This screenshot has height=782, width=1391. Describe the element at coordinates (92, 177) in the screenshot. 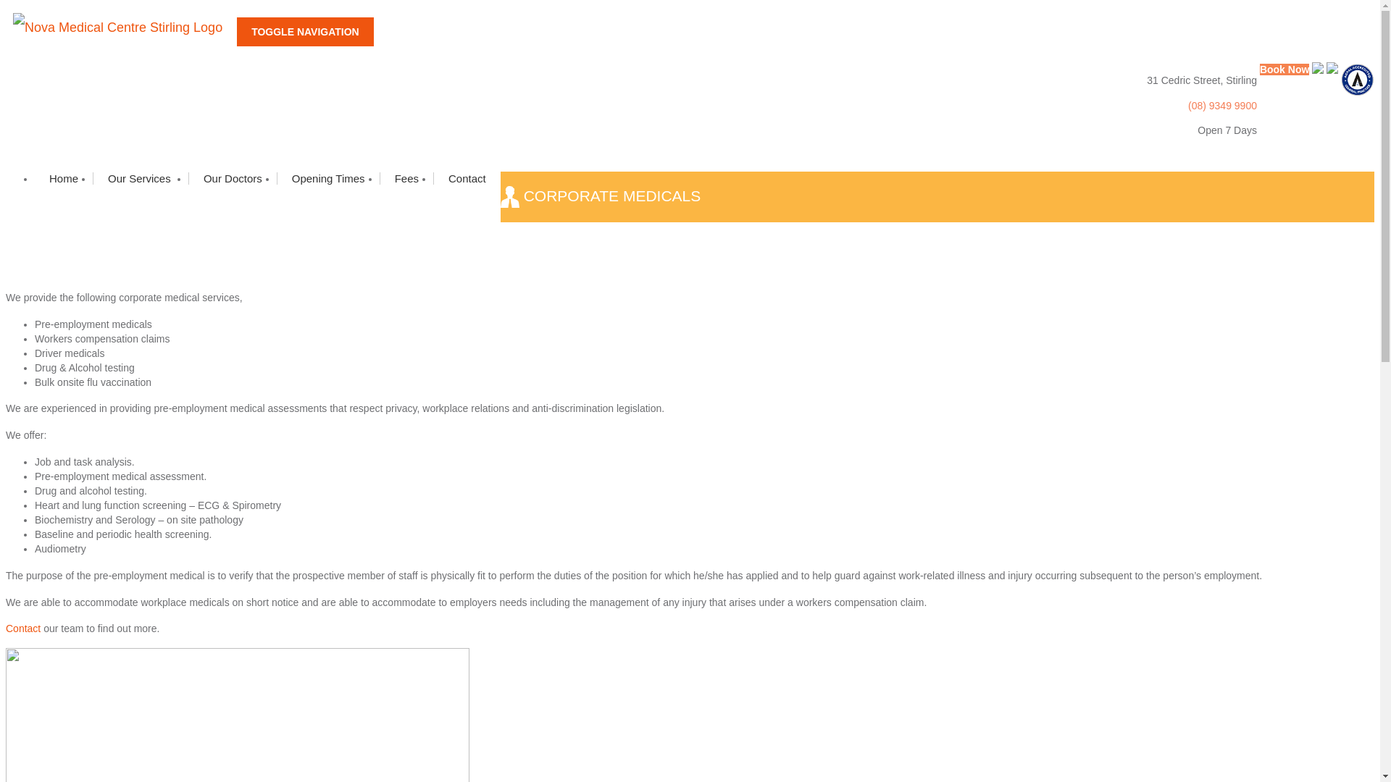

I see `'Our Services'` at that location.